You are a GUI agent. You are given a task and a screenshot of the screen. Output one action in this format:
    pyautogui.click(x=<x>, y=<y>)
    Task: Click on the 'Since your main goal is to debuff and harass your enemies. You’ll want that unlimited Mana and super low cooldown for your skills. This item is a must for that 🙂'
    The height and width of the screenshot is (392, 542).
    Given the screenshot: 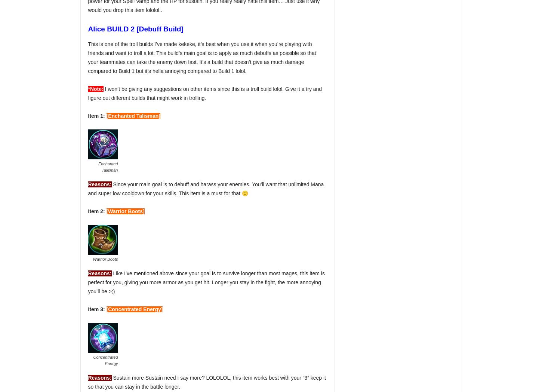 What is the action you would take?
    pyautogui.click(x=206, y=189)
    